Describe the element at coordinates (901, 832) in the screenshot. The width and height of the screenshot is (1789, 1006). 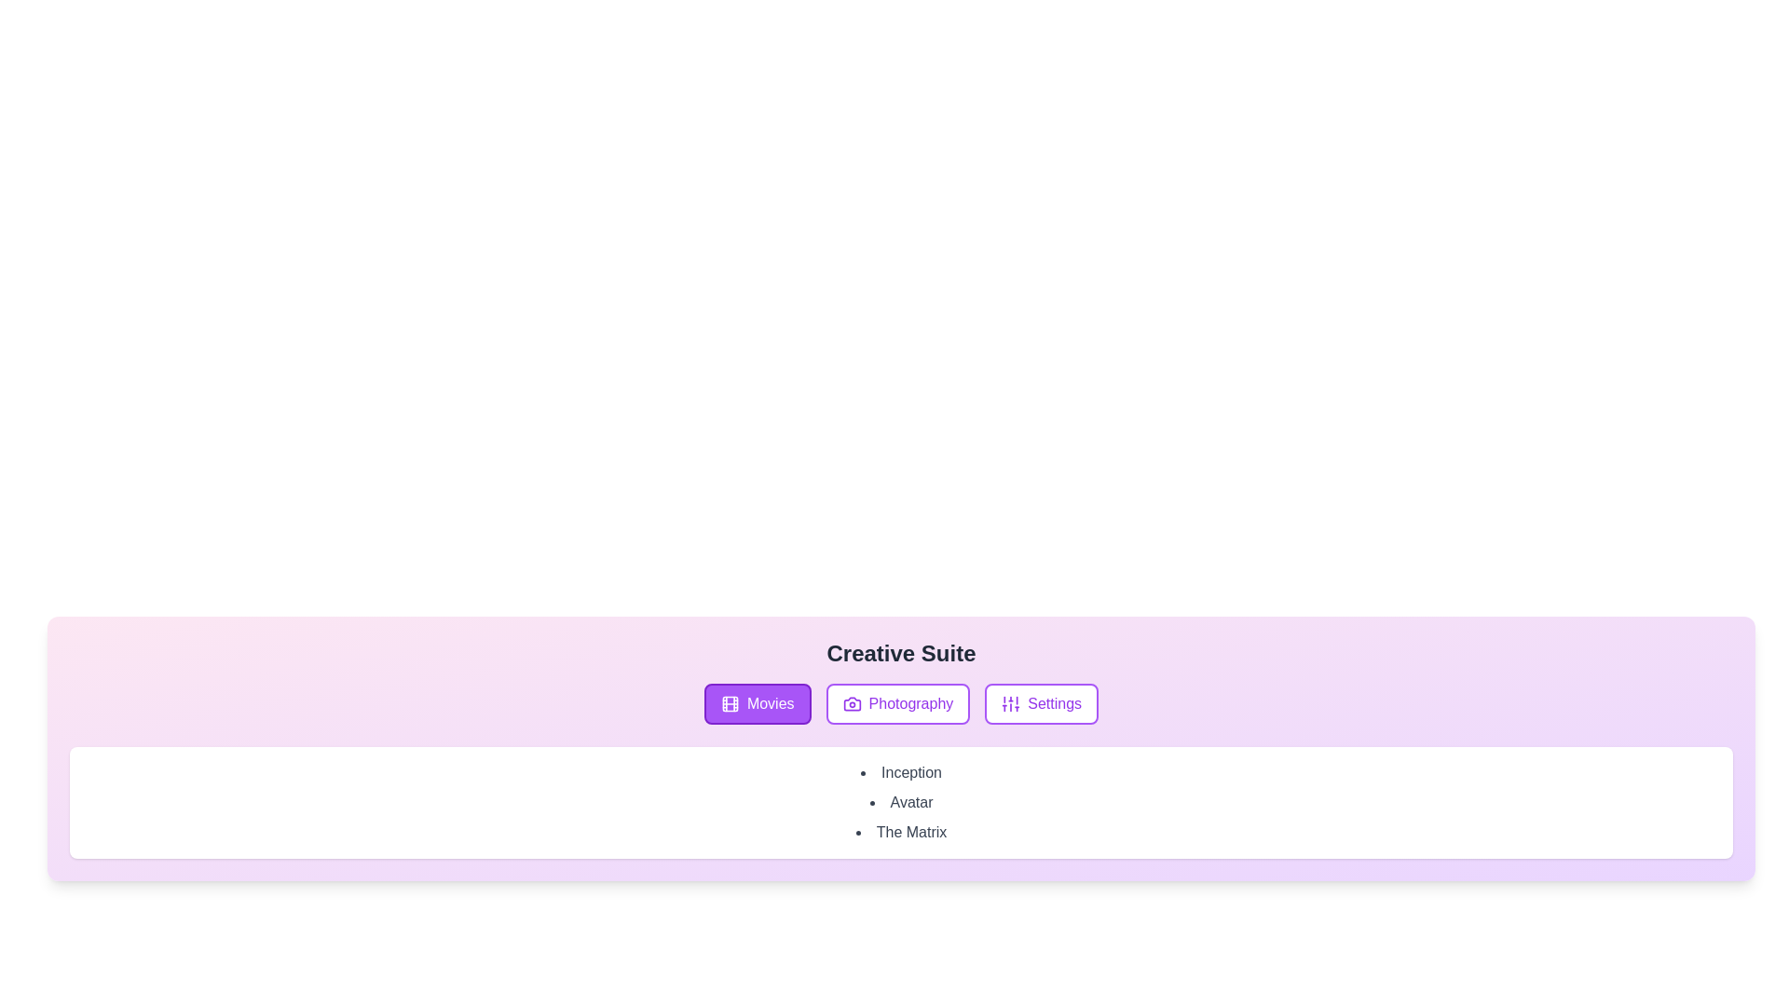
I see `the text element reading 'The Matrix' in the bullet-point list` at that location.